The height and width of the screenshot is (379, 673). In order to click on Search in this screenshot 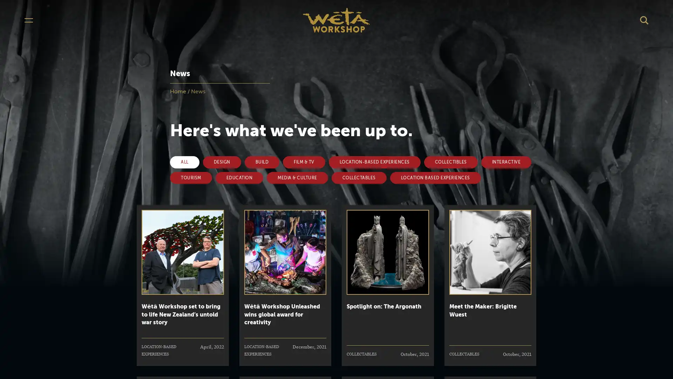, I will do `click(644, 20)`.